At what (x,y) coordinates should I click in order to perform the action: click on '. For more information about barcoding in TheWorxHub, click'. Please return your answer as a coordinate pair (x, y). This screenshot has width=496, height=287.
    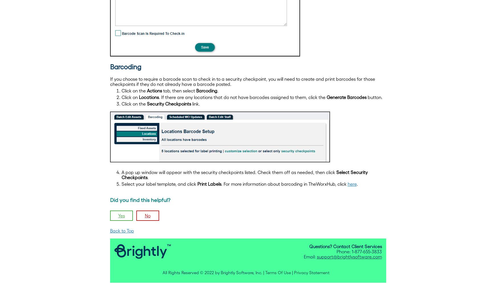
    Looking at the image, I should click on (284, 184).